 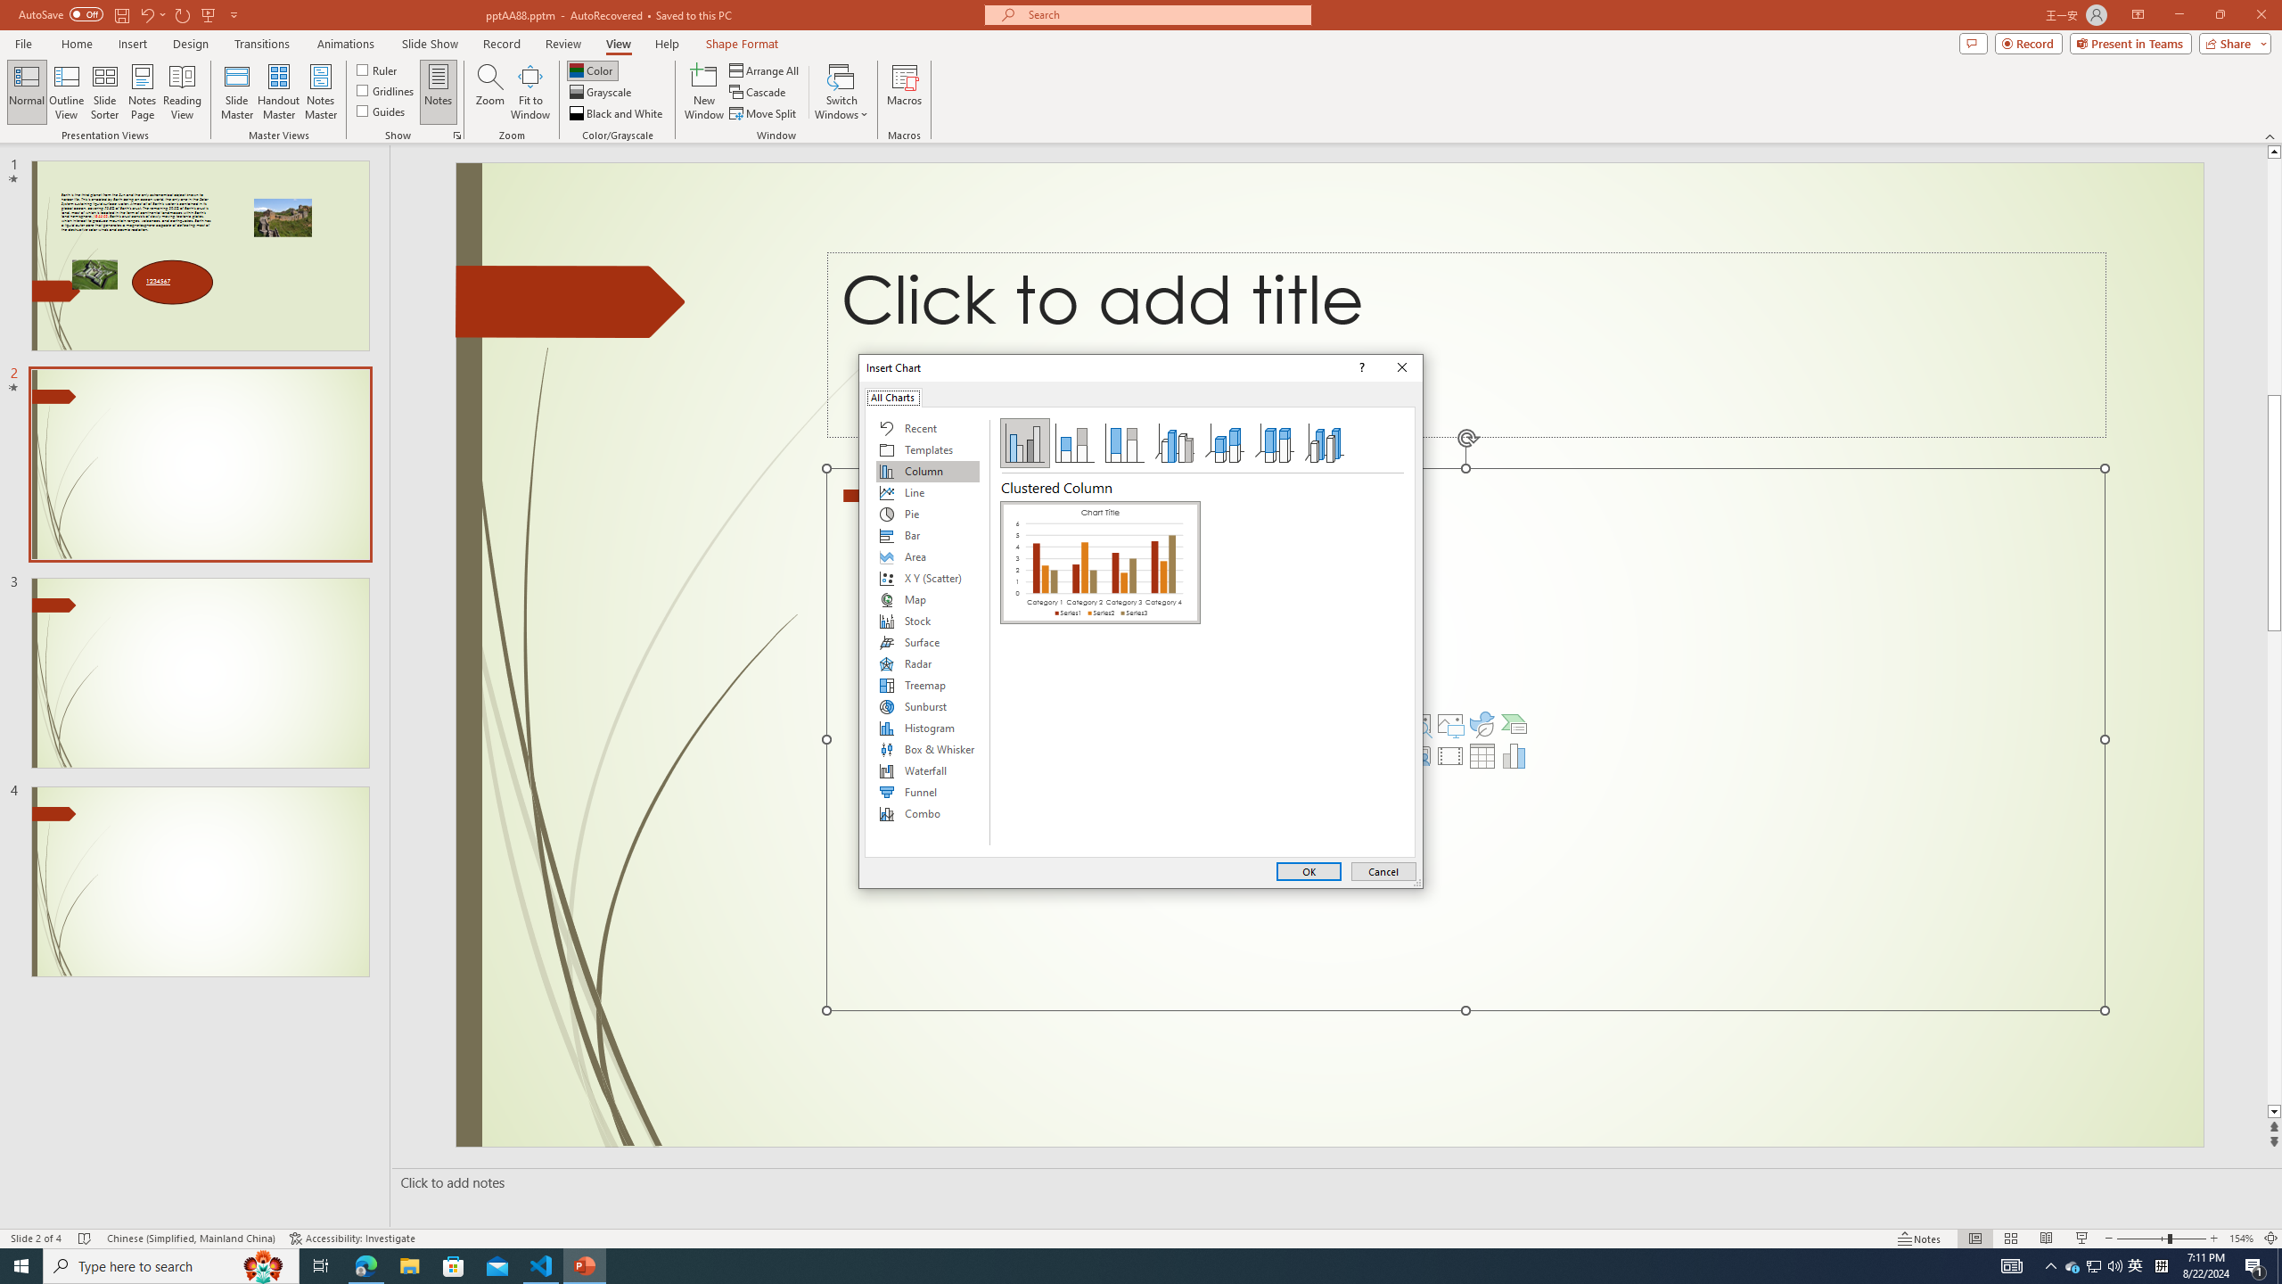 I want to click on 'Fit to Window', so click(x=530, y=92).